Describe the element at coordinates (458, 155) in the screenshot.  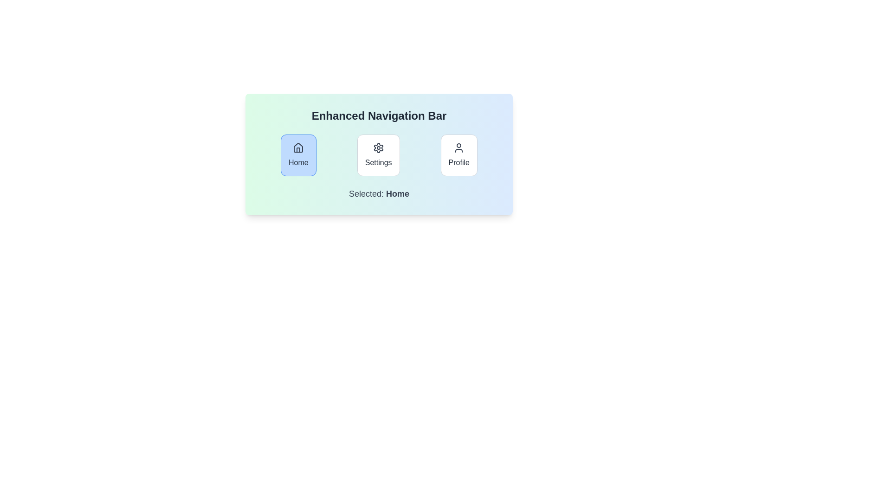
I see `the navigation button located at the rightmost position of the row of three buttons in the 'Enhanced Navigation Bar'` at that location.